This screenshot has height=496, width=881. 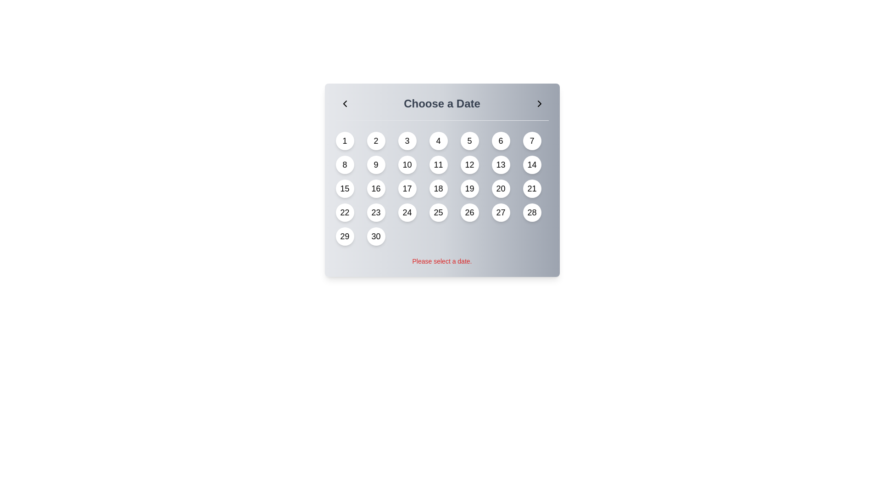 I want to click on the date '8' button in the calendar grid, so click(x=344, y=164).